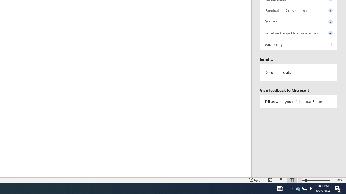  What do you see at coordinates (331, 180) in the screenshot?
I see `'Zoom In'` at bounding box center [331, 180].